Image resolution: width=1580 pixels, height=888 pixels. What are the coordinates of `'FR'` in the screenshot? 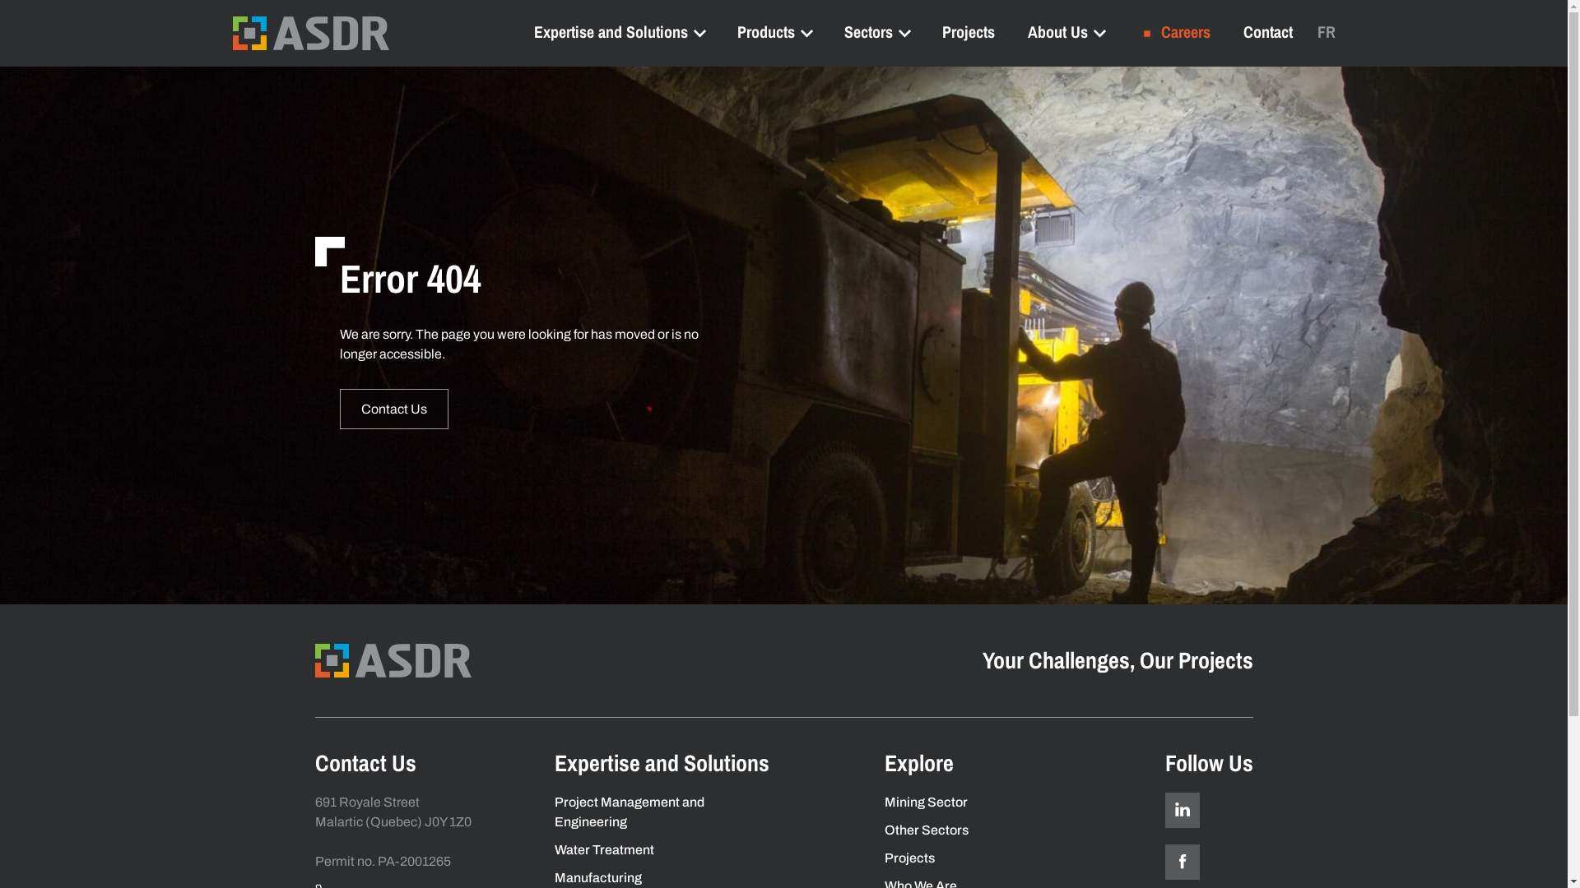 It's located at (1326, 30).